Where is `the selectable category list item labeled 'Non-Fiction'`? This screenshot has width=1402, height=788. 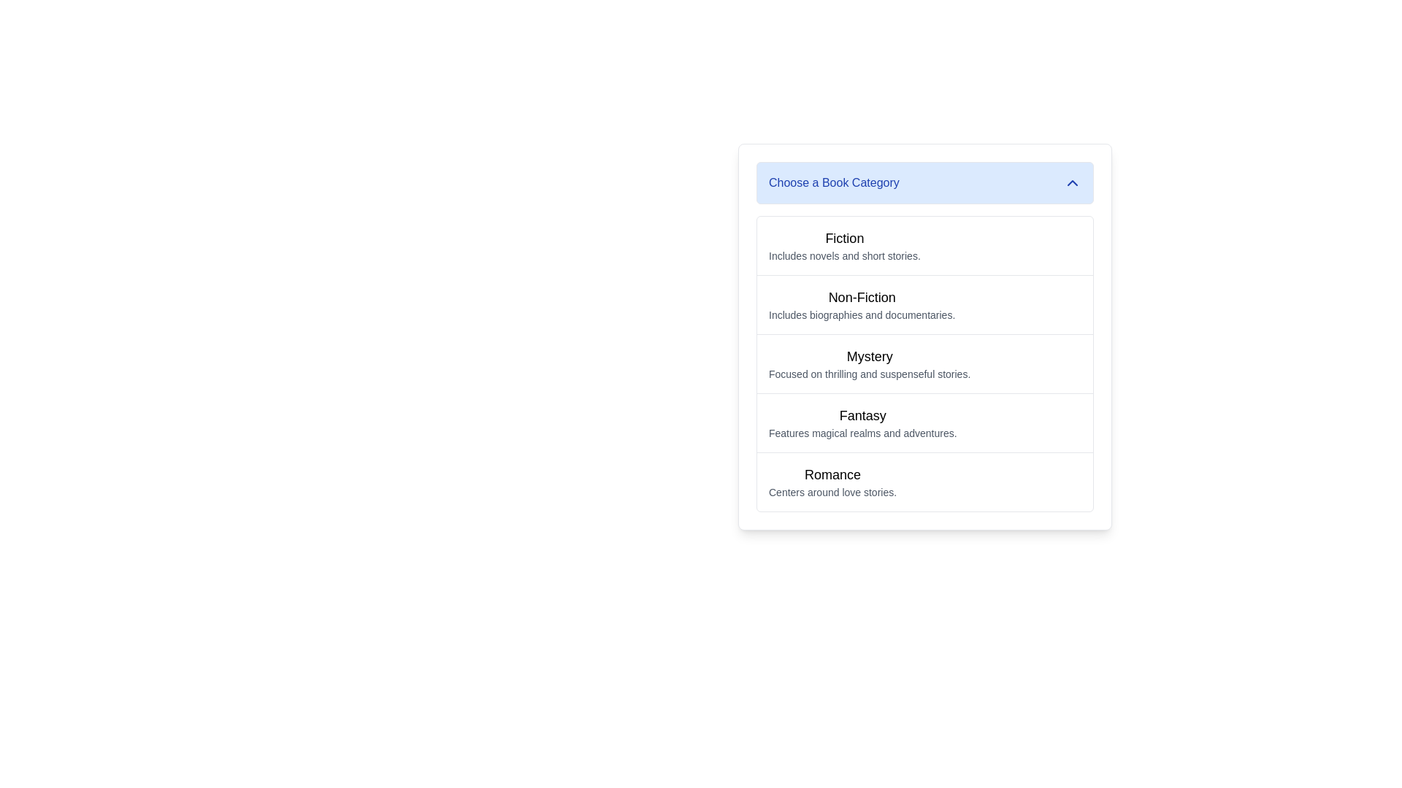
the selectable category list item labeled 'Non-Fiction' is located at coordinates (862, 304).